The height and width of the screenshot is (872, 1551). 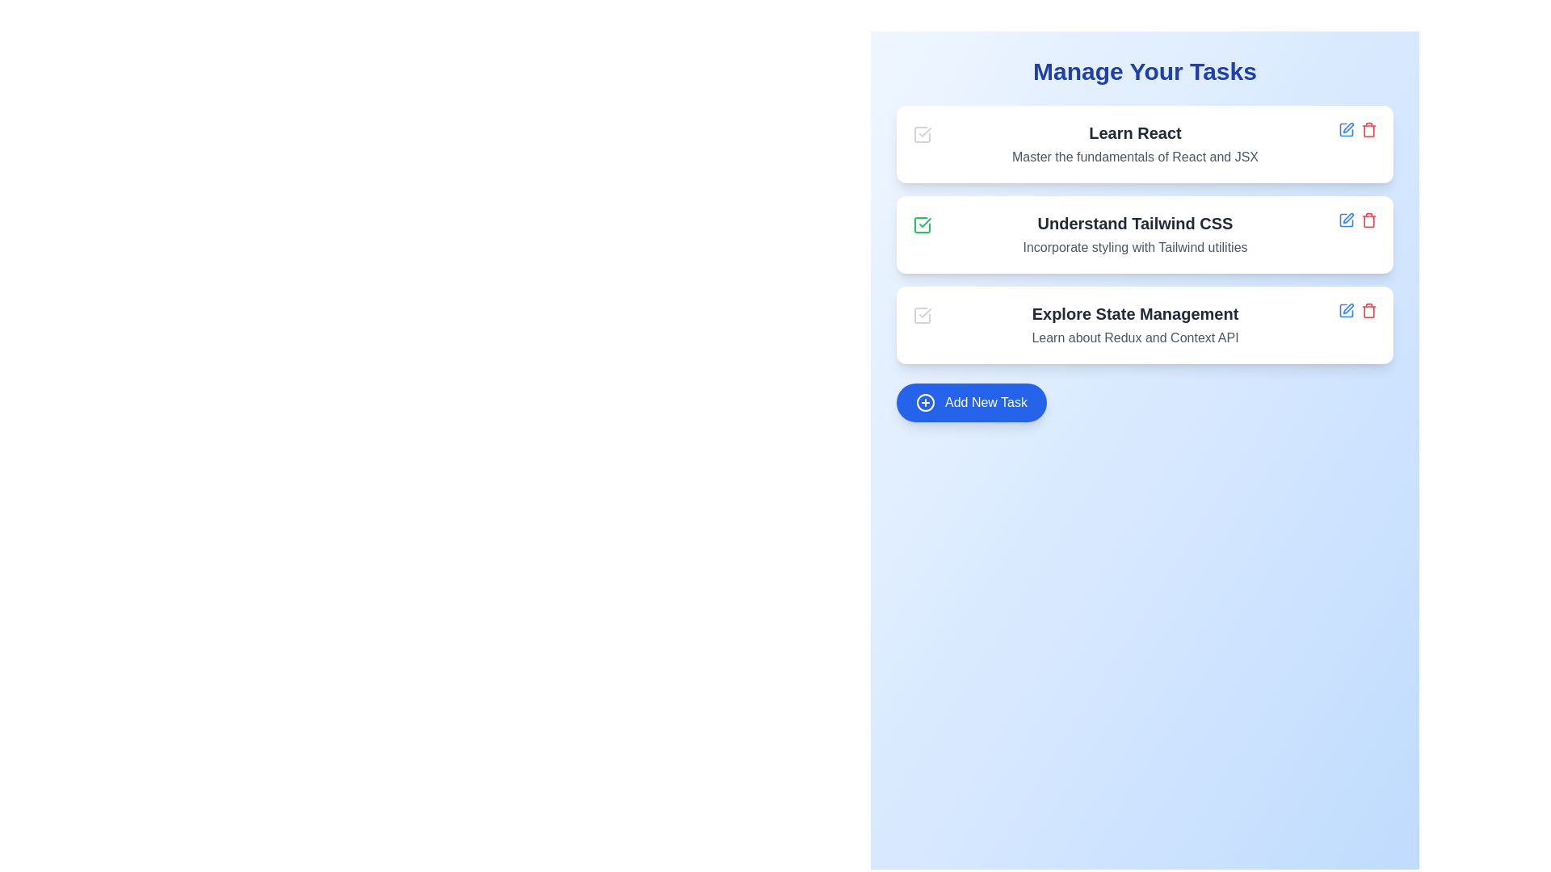 What do you see at coordinates (1348, 308) in the screenshot?
I see `the action icon styled as an SVG, located to the top-right of the 'Explore State Management' list entry` at bounding box center [1348, 308].